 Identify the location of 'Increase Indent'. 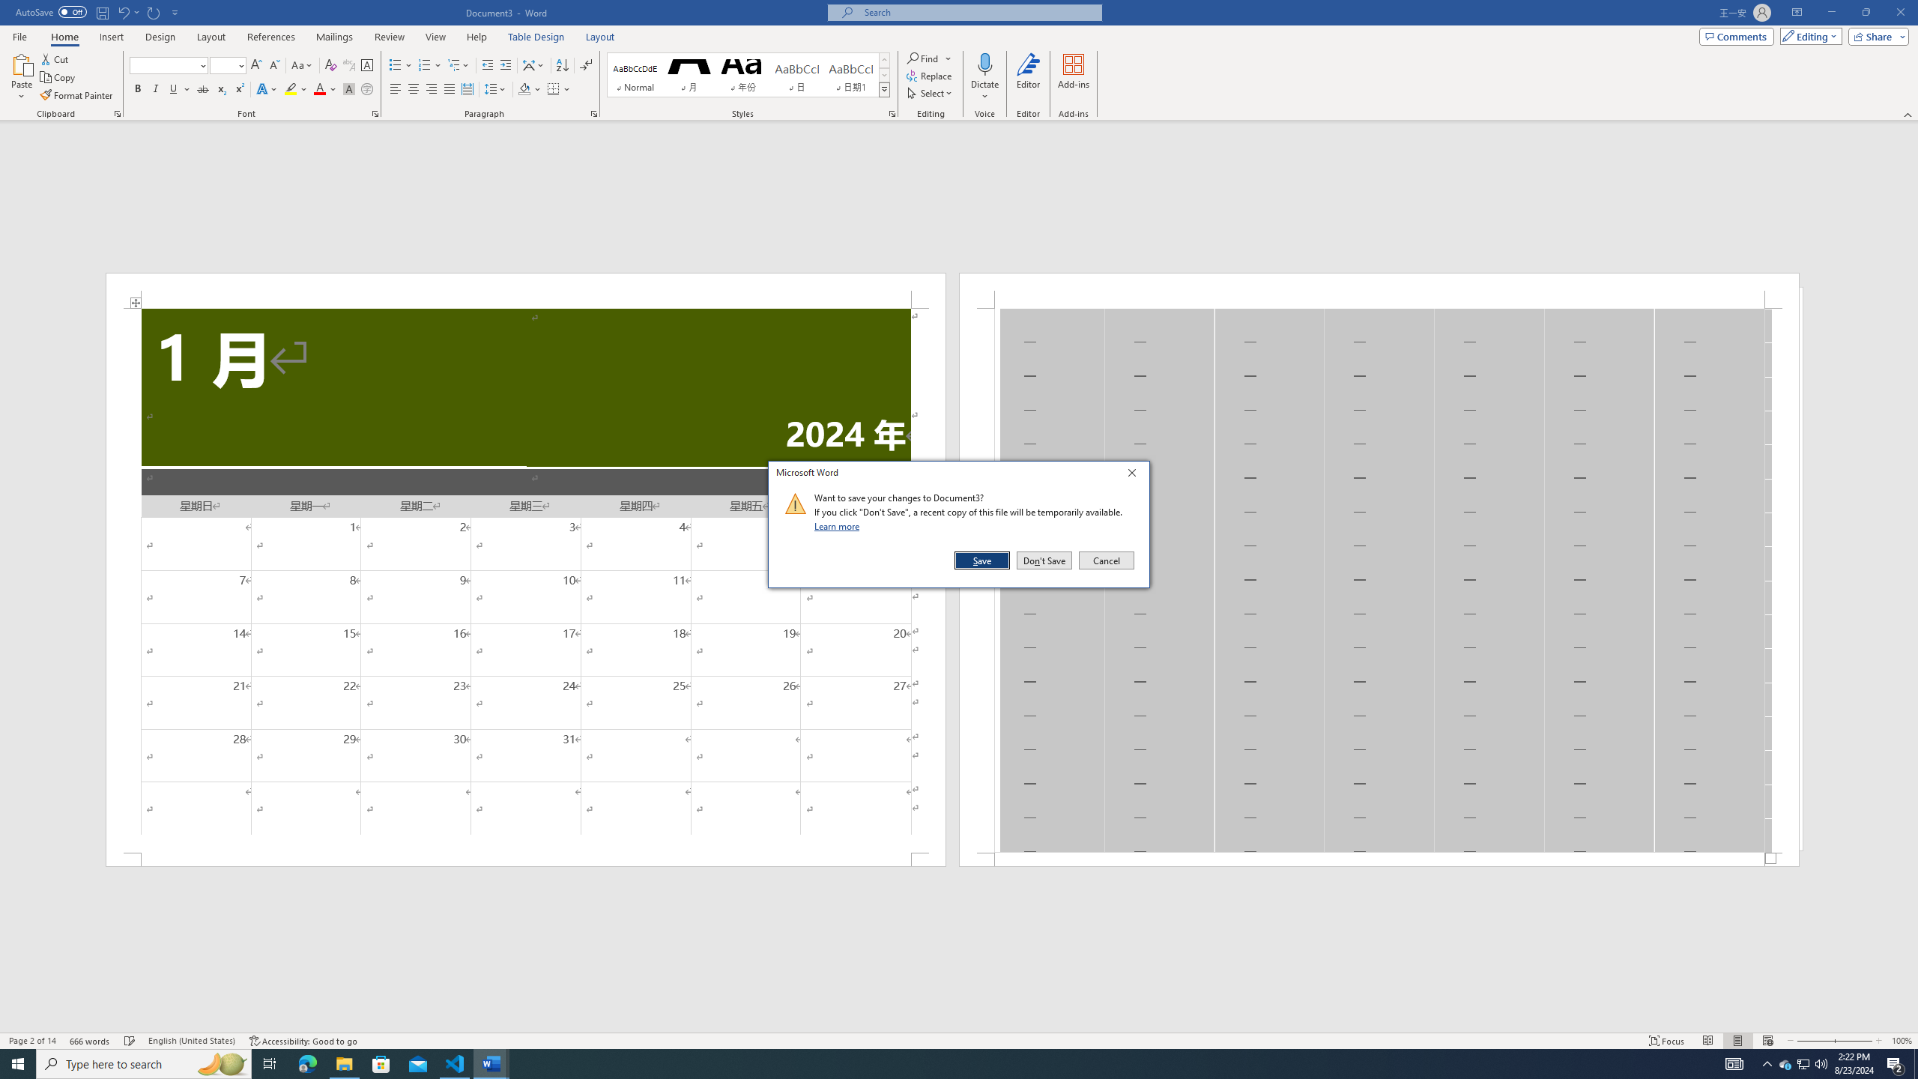
(504, 65).